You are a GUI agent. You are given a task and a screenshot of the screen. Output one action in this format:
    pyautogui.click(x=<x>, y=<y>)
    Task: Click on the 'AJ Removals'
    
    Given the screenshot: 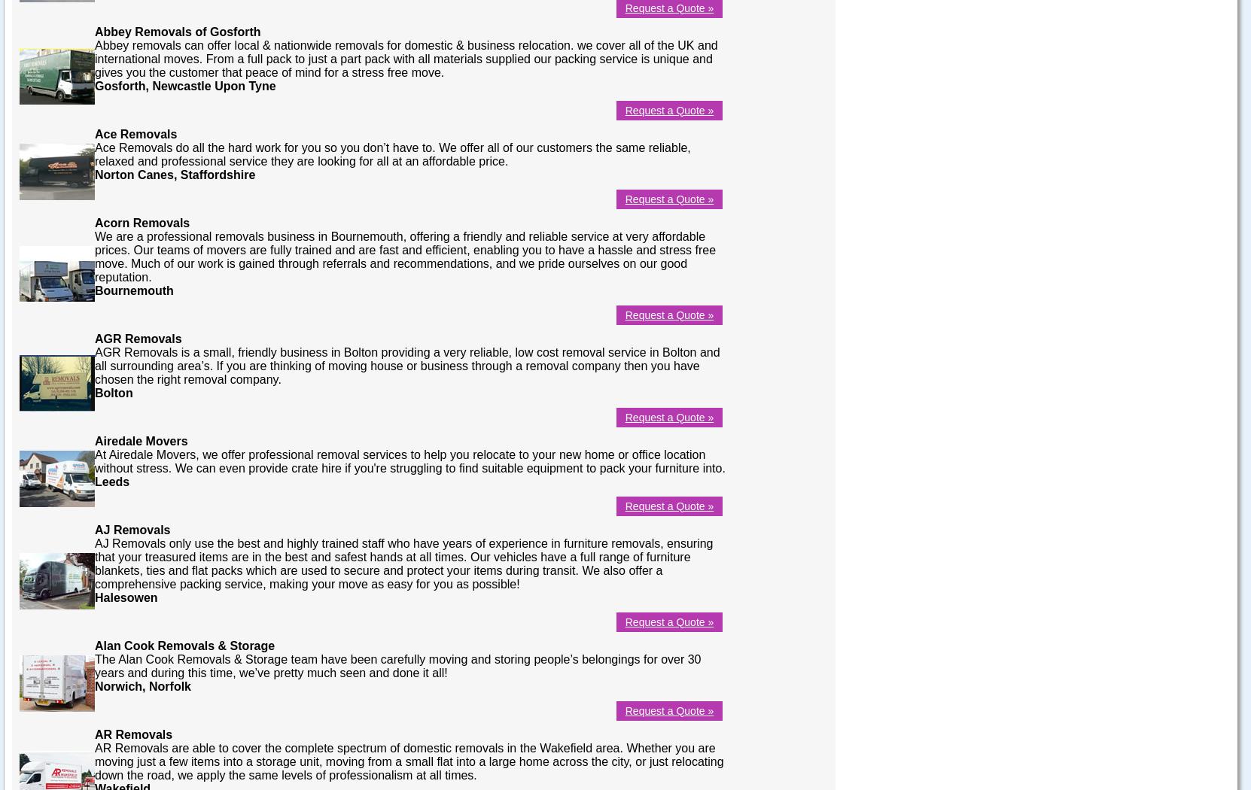 What is the action you would take?
    pyautogui.click(x=132, y=529)
    